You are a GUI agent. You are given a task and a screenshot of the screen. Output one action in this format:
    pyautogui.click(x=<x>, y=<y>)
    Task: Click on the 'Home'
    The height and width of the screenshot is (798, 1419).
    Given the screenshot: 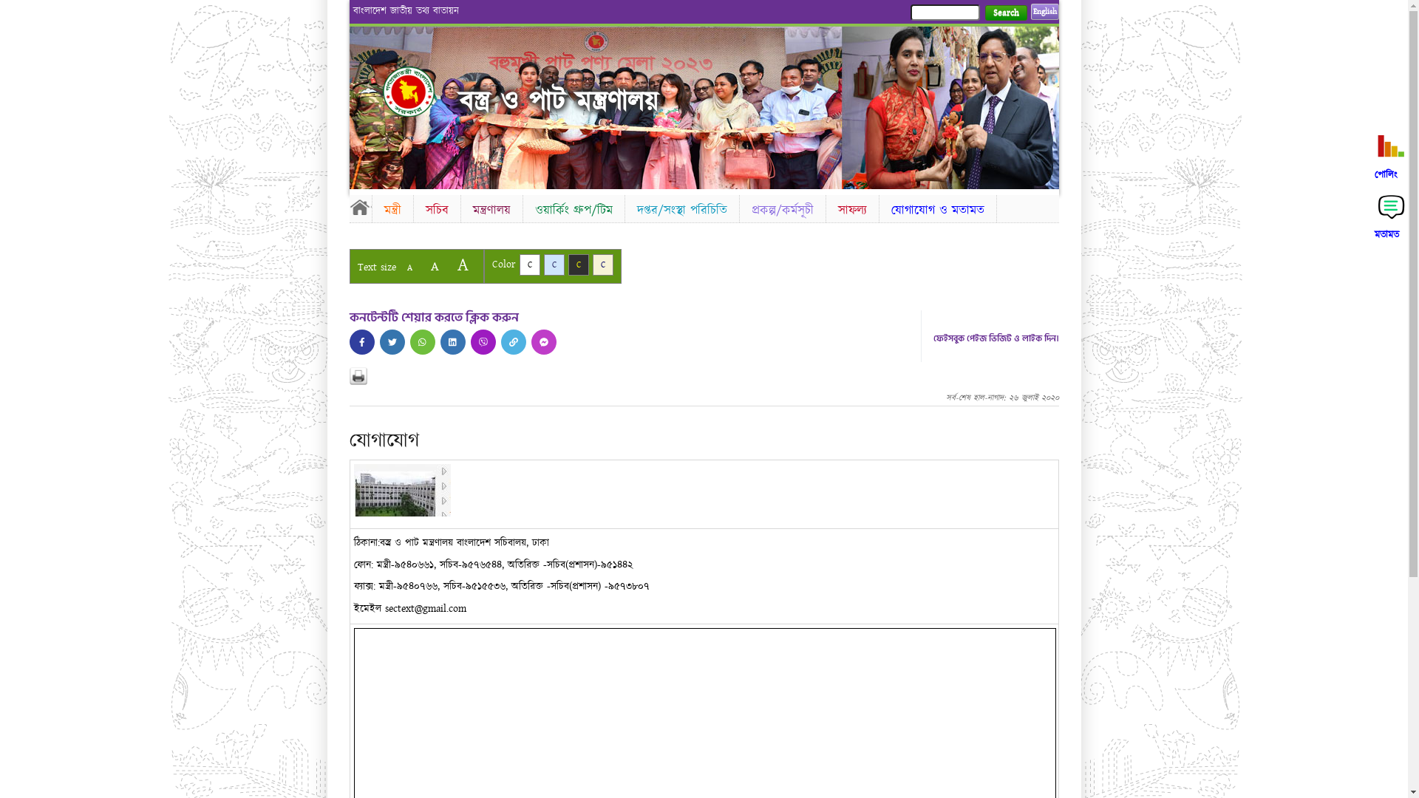 What is the action you would take?
    pyautogui.click(x=359, y=207)
    